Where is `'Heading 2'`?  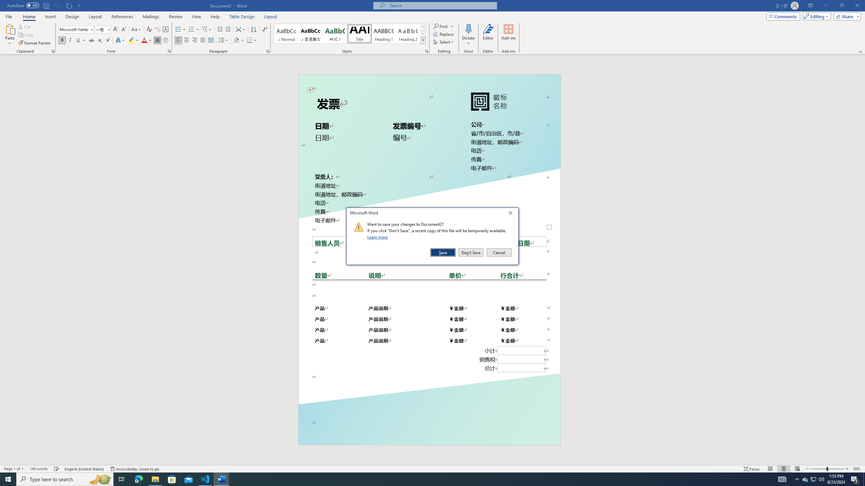 'Heading 2' is located at coordinates (408, 33).